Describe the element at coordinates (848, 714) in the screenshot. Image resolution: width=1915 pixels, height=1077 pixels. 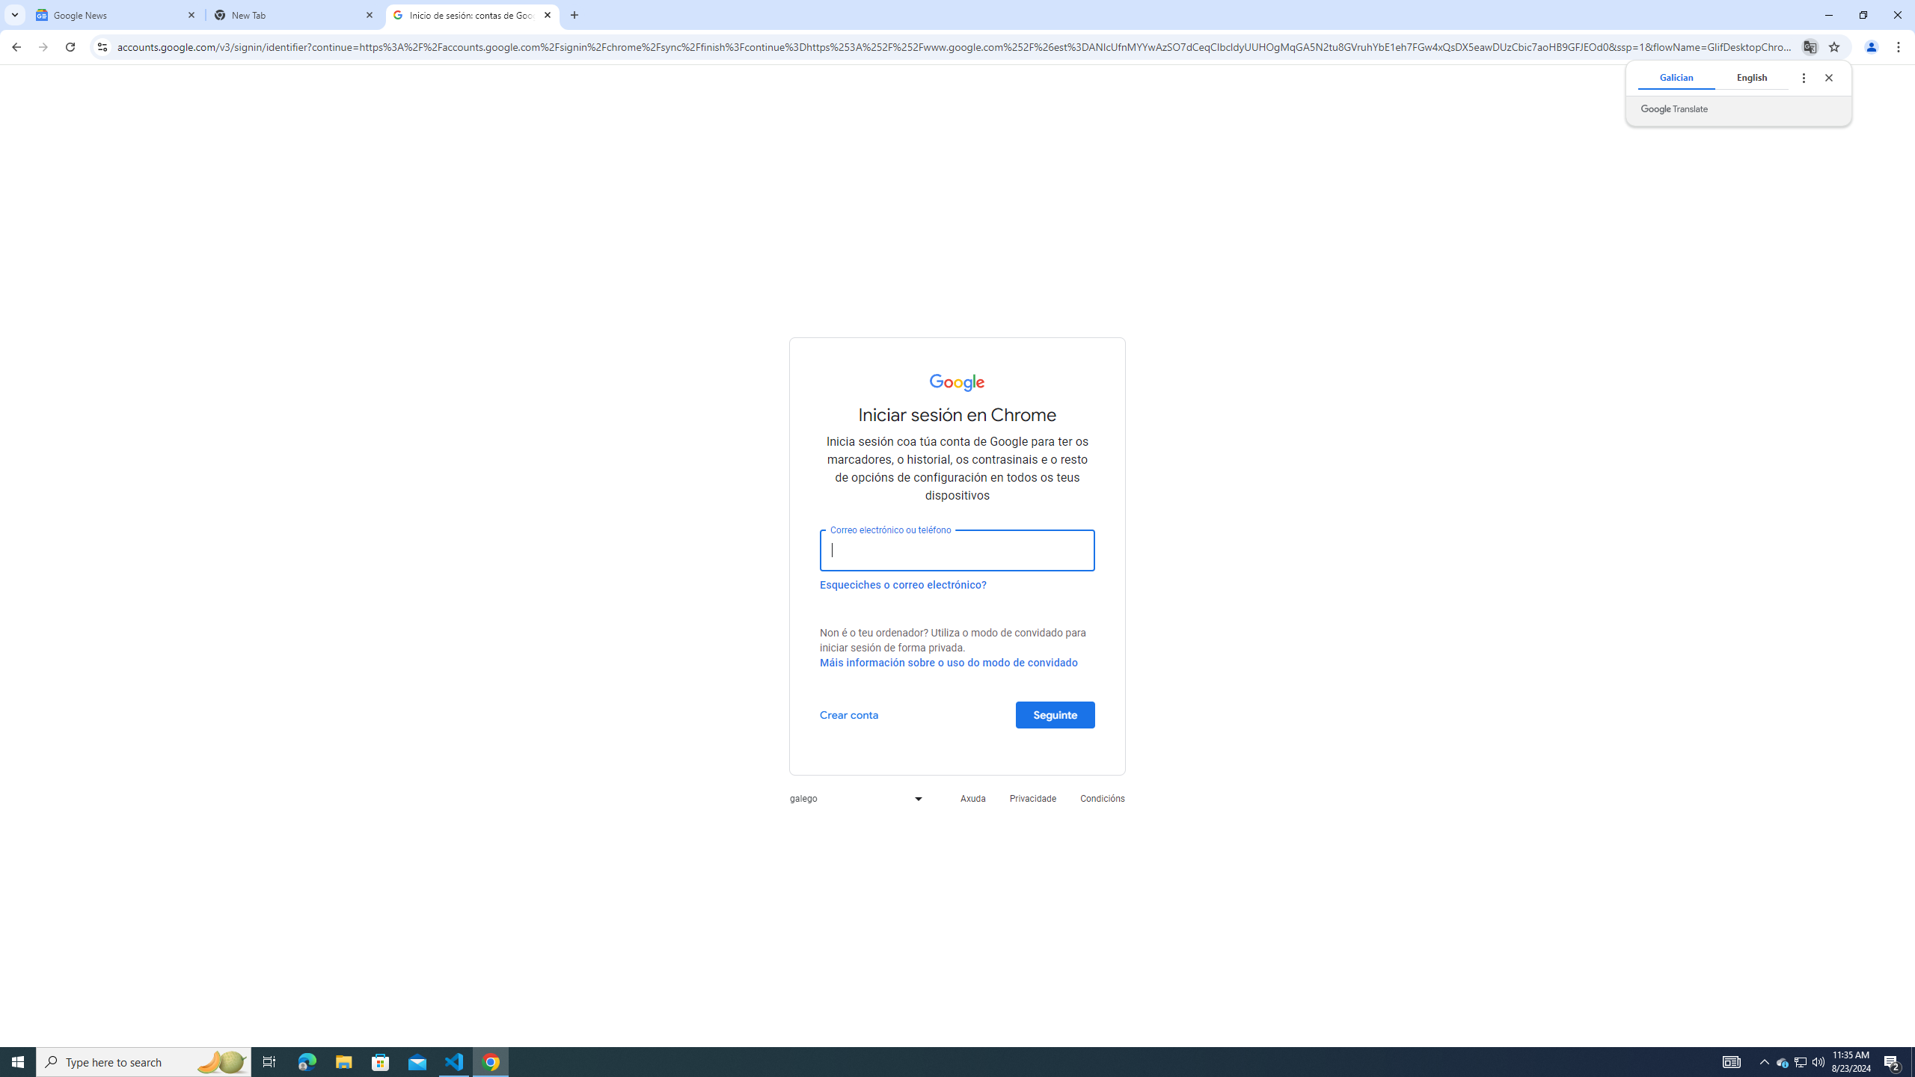
I see `'Crear conta'` at that location.